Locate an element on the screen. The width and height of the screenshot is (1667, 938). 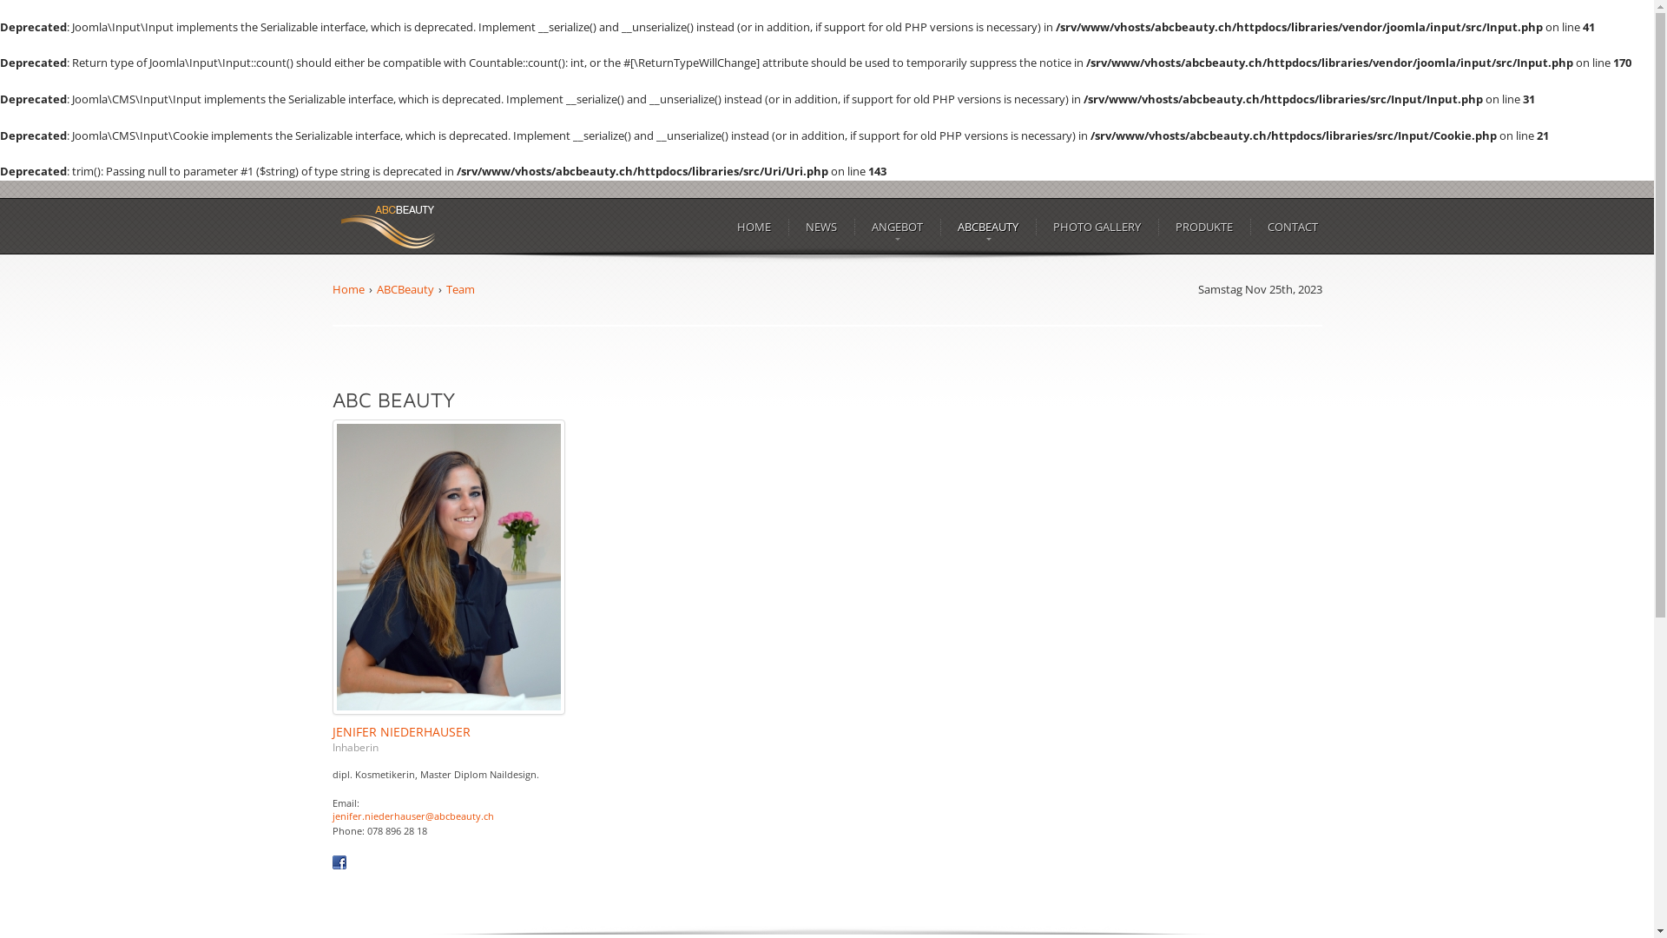
'ANGEBOT' is located at coordinates (866, 226).